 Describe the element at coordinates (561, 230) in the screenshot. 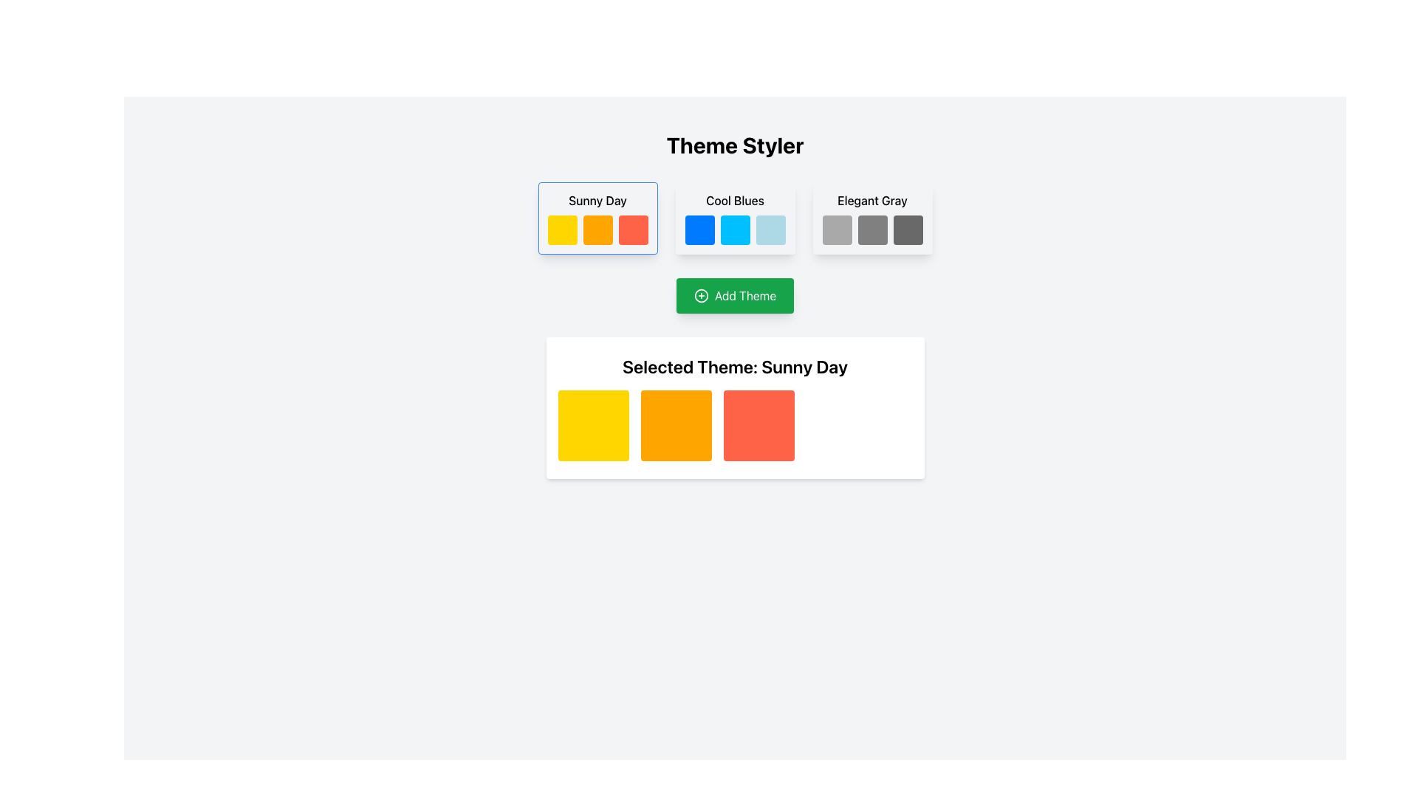

I see `the first color box representing a theme color option within the 'Sunny Day' theme selector in the top-left section of the 'Theme Styler' interface` at that location.